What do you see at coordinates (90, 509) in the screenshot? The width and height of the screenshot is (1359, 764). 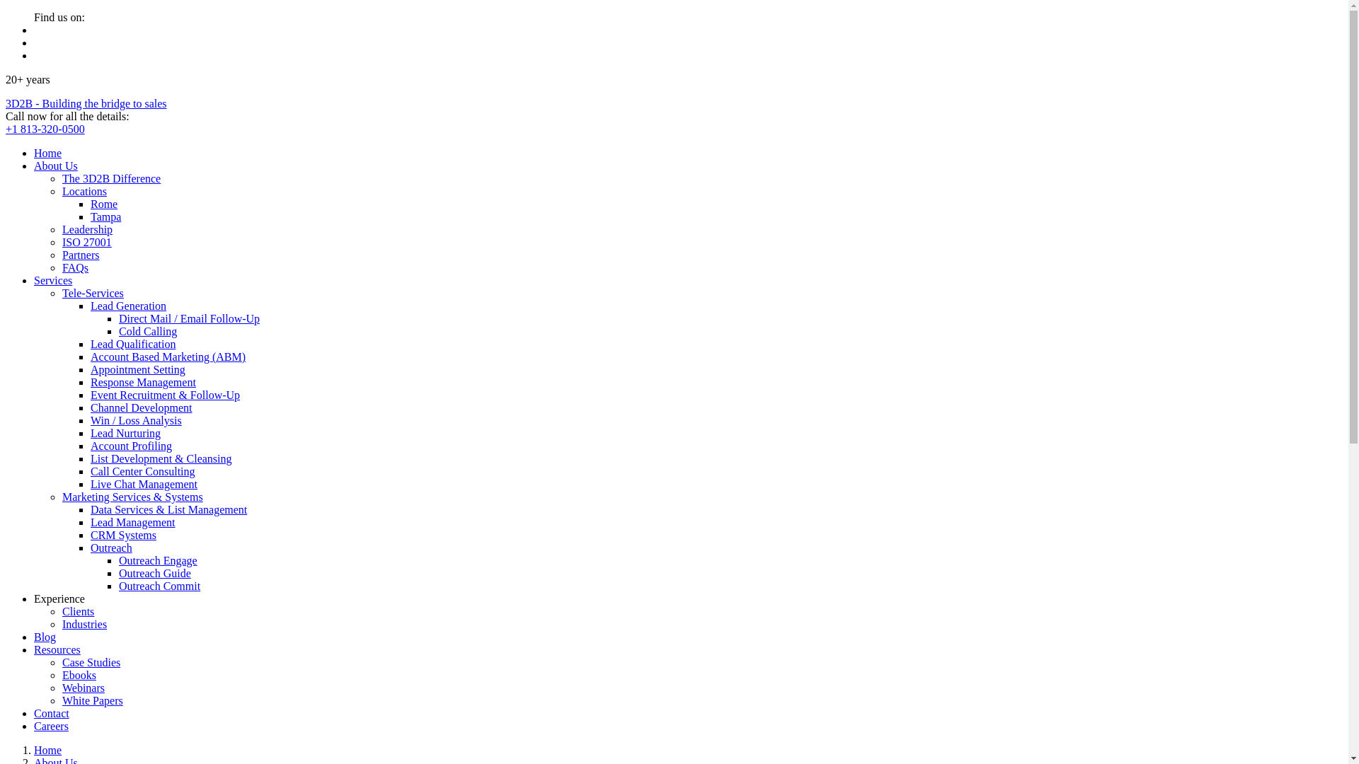 I see `'Data Services & List Management'` at bounding box center [90, 509].